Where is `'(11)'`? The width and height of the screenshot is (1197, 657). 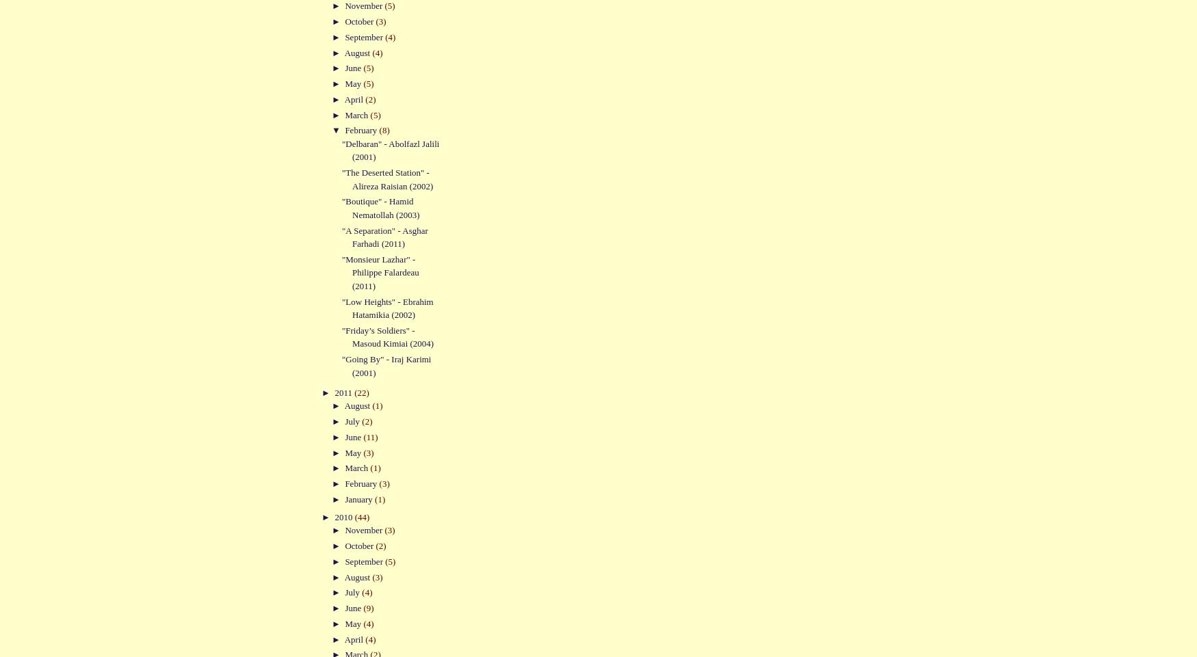 '(11)' is located at coordinates (369, 436).